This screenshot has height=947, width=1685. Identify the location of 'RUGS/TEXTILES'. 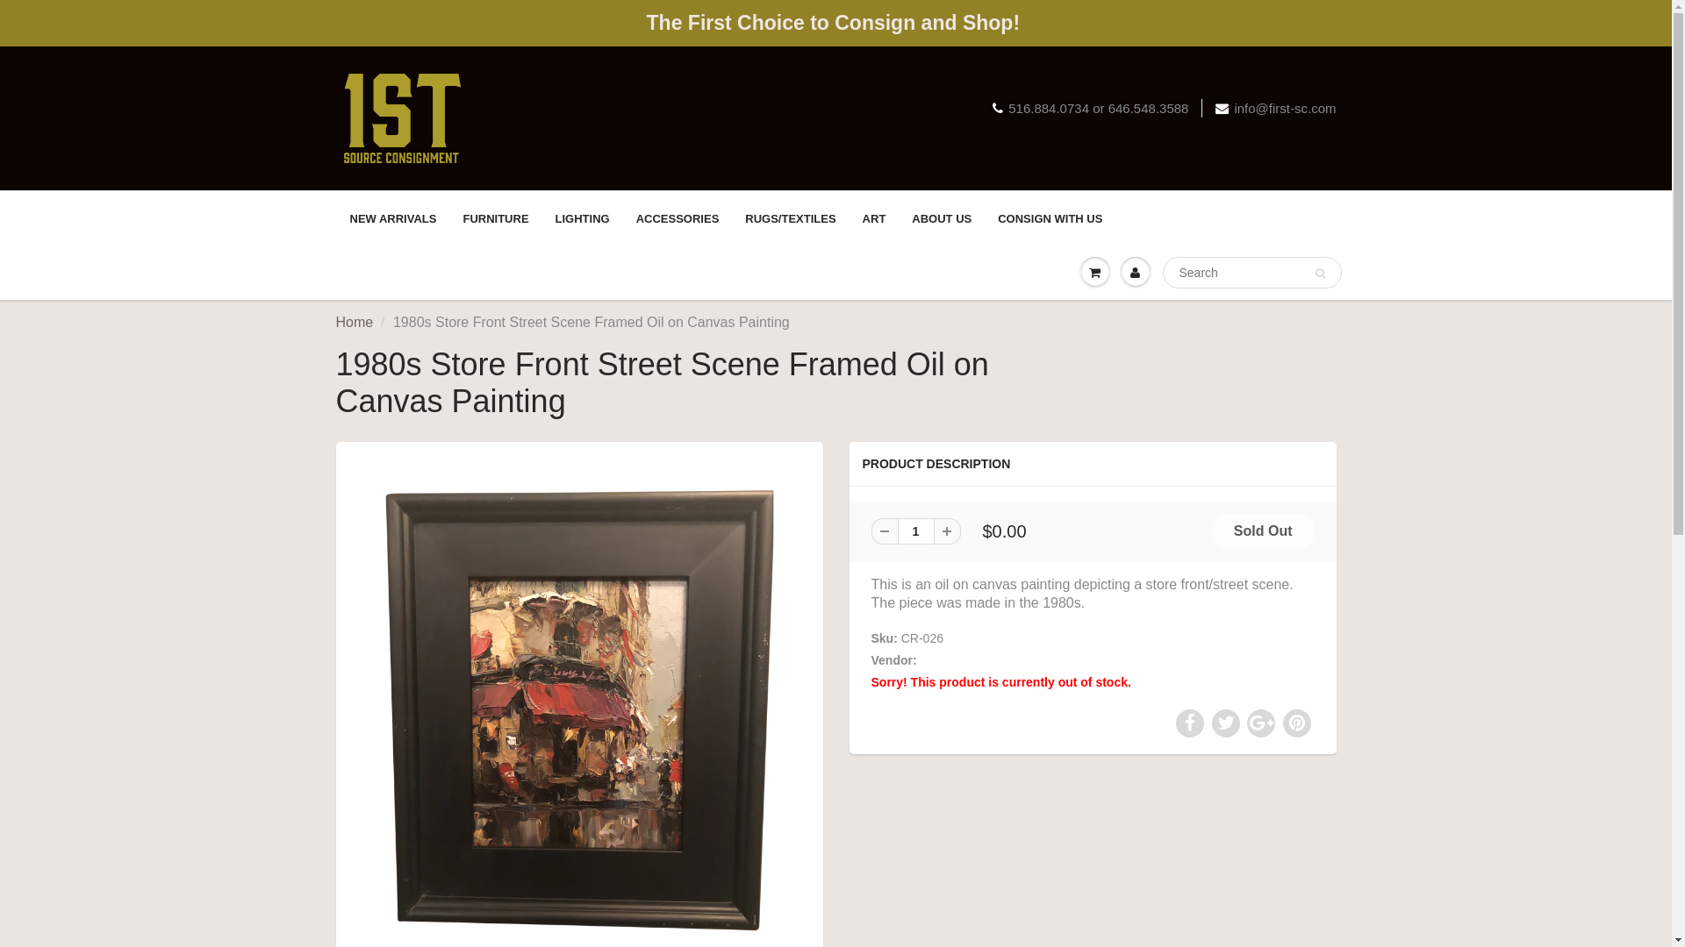
(789, 218).